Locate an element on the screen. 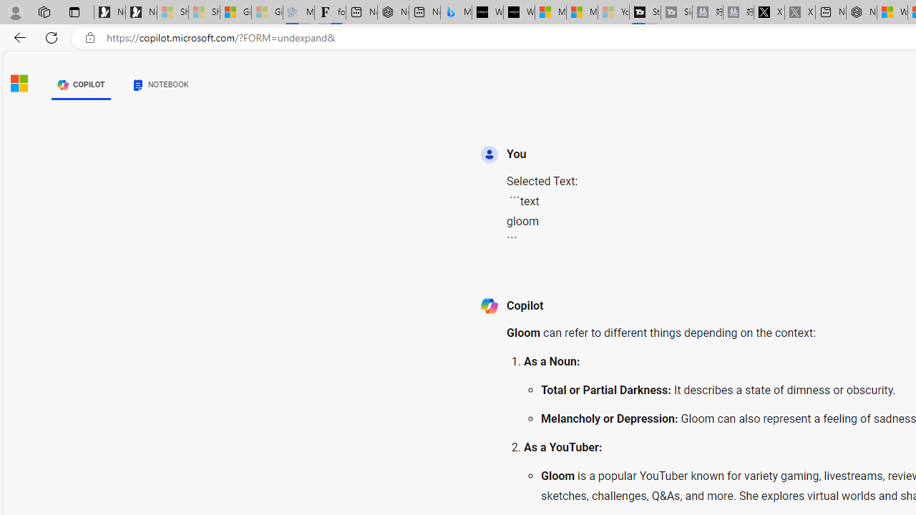 This screenshot has width=916, height=515. 'COPILOT' is located at coordinates (80, 84).